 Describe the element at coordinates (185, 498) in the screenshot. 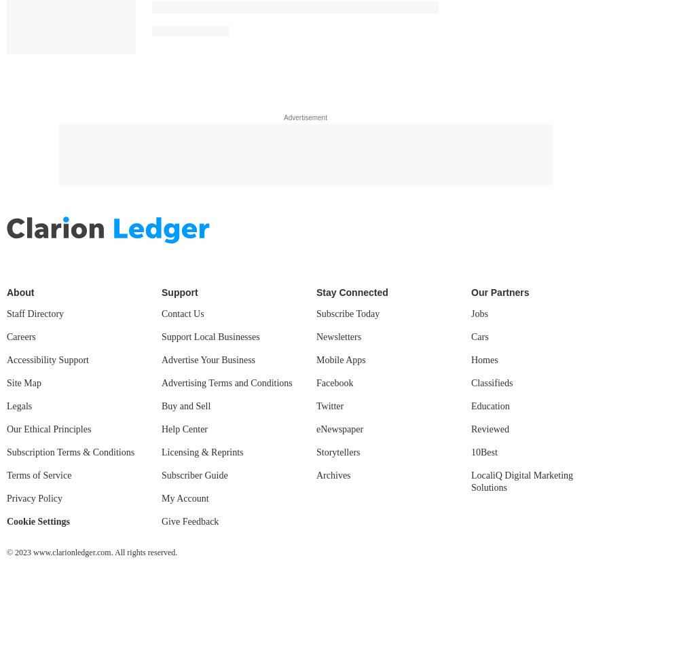

I see `'My Account'` at that location.